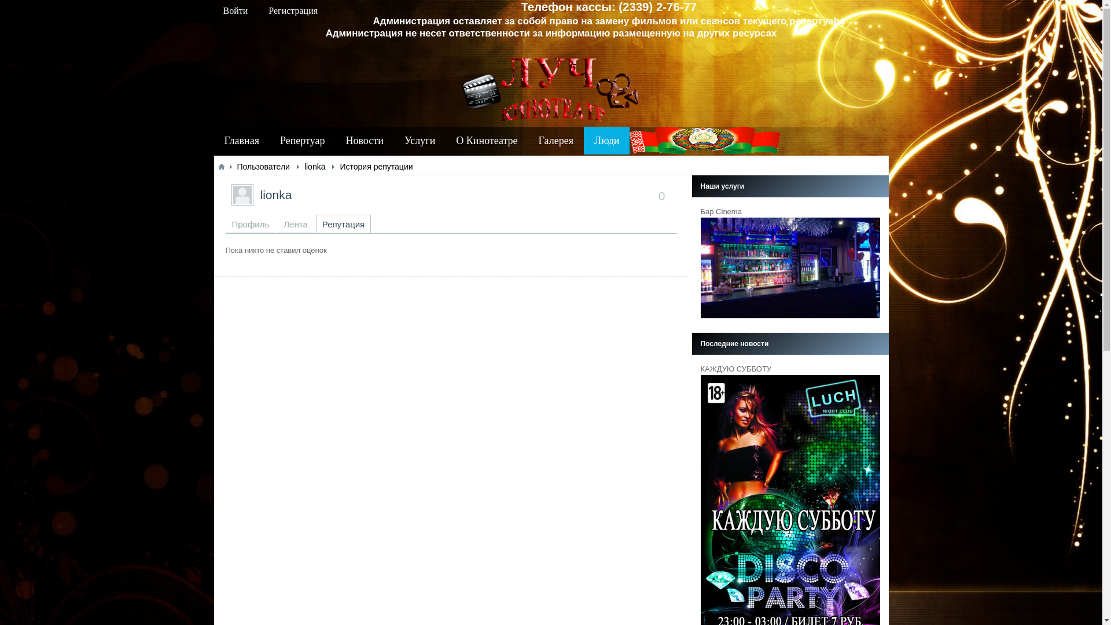  I want to click on 'lionka', so click(275, 194).